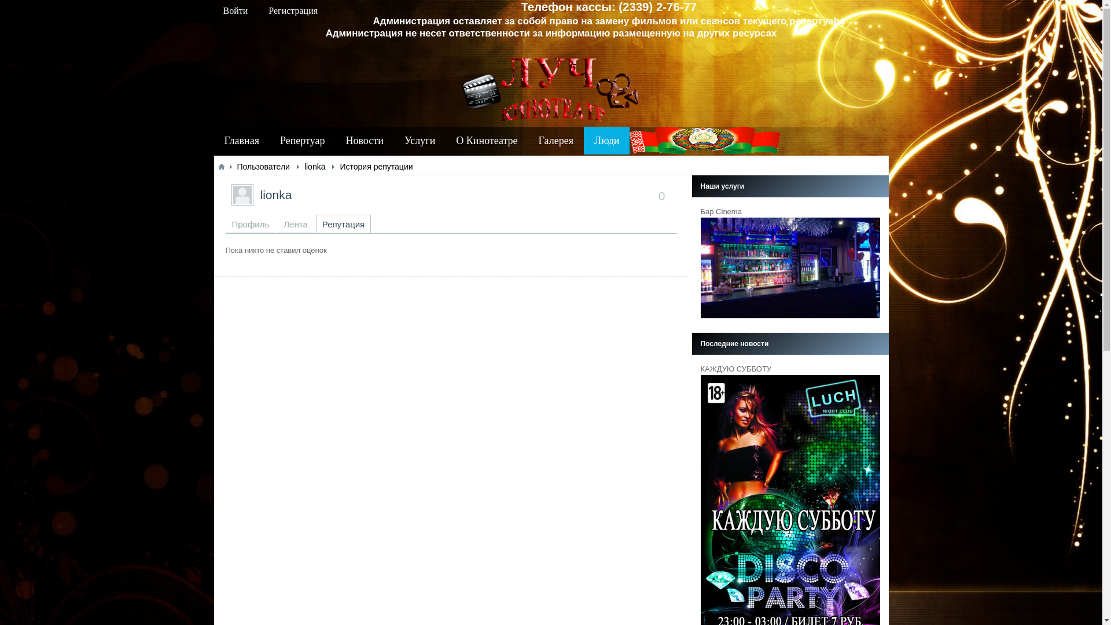  I want to click on 'lionka', so click(275, 194).